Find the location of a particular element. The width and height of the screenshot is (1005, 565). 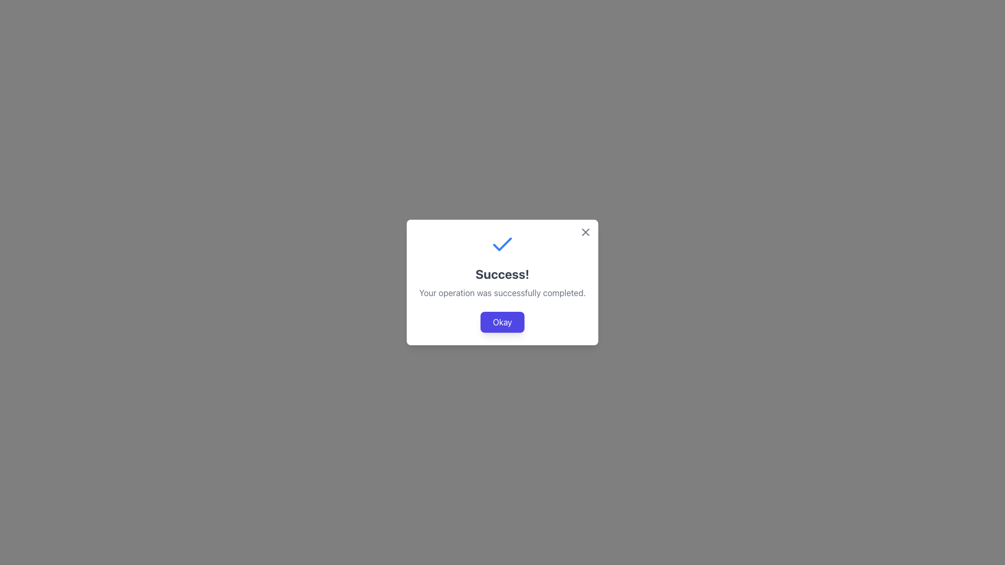

the close button located in the top-right corner of the white popup card to change its color is located at coordinates (585, 231).